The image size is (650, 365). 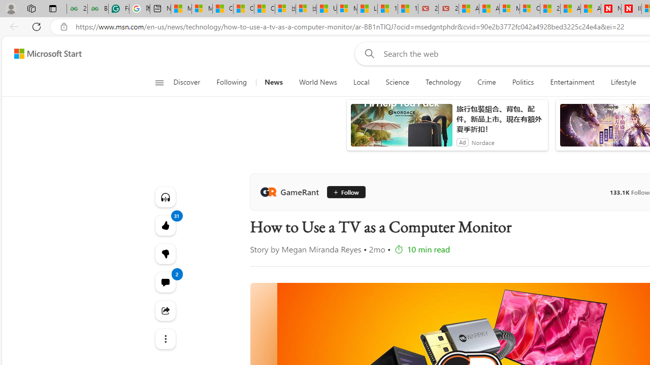 What do you see at coordinates (97, 9) in the screenshot?
I see `'Best SSL Certificates Provider in India - GeeksforGeeks'` at bounding box center [97, 9].